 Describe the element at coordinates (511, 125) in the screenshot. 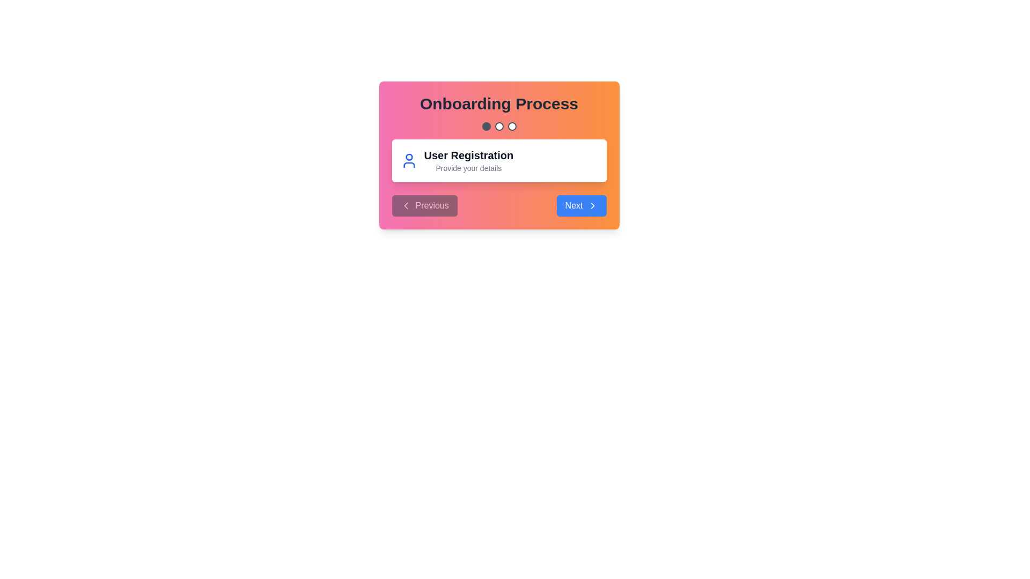

I see `the third circular progress indicator in the onboarding process` at that location.